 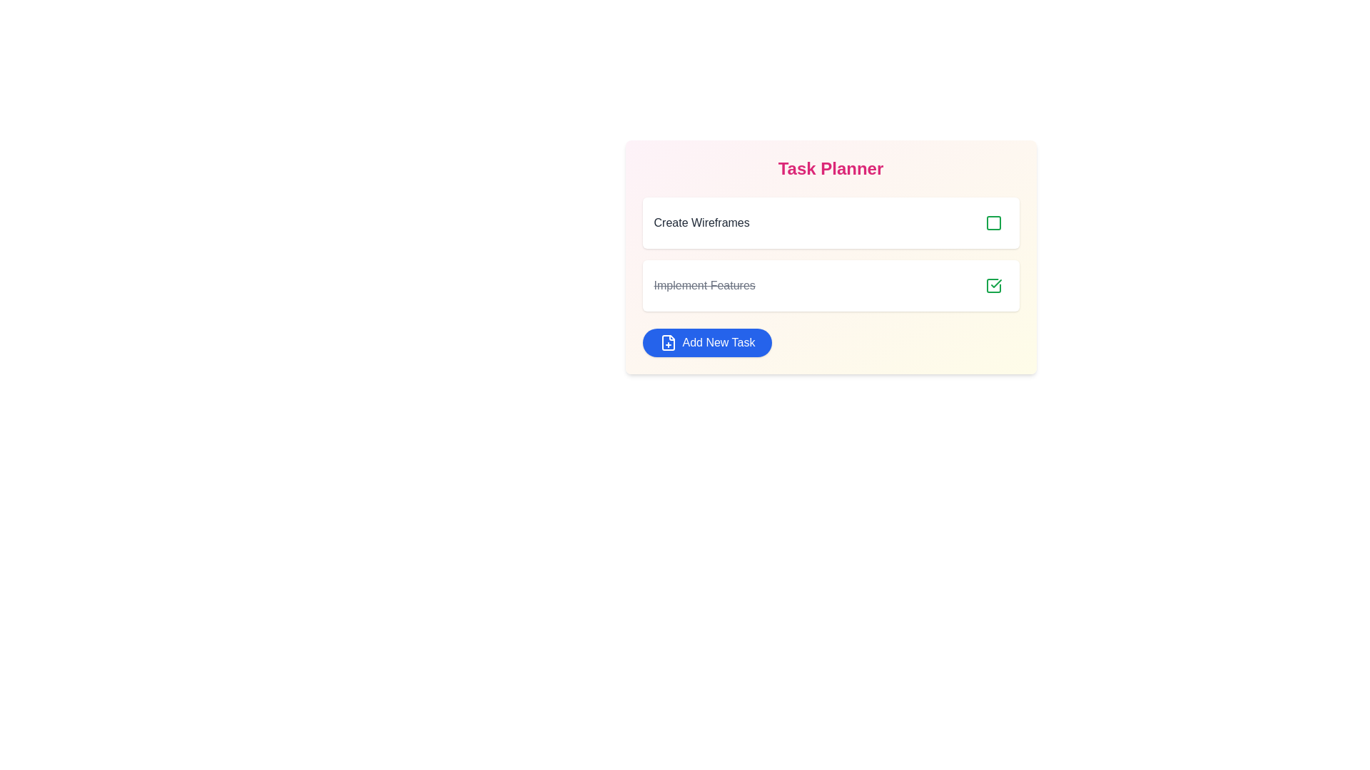 What do you see at coordinates (993, 286) in the screenshot?
I see `the completion indicator icon, which is a green checkmark inside a square, located on the right side of the 'Implement Features' task row in the 'Task Planner' interface` at bounding box center [993, 286].